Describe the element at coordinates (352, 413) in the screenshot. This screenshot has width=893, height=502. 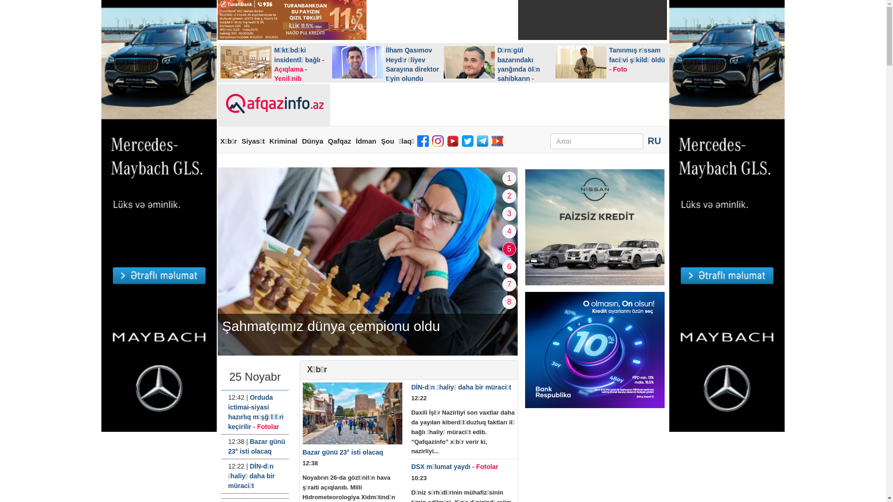
I see `'bazar-gunu-23-isti-olacaq'` at that location.